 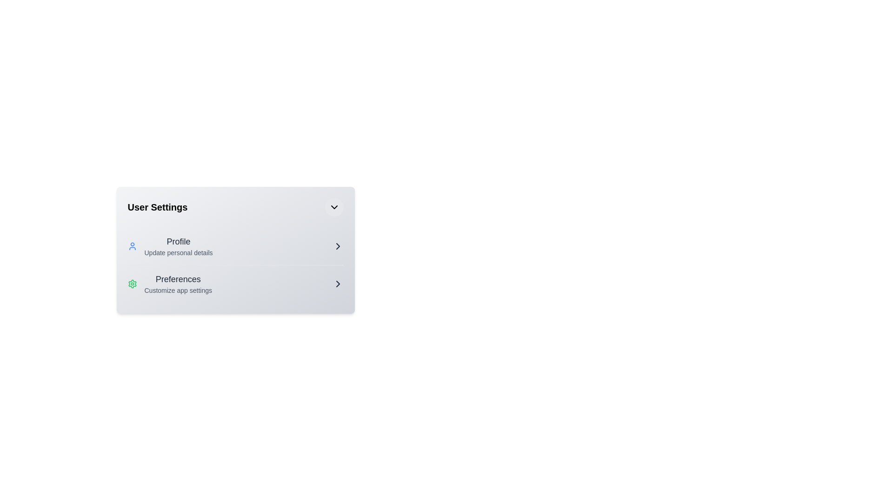 I want to click on the 'Profile' textual label with subheading, so click(x=179, y=245).